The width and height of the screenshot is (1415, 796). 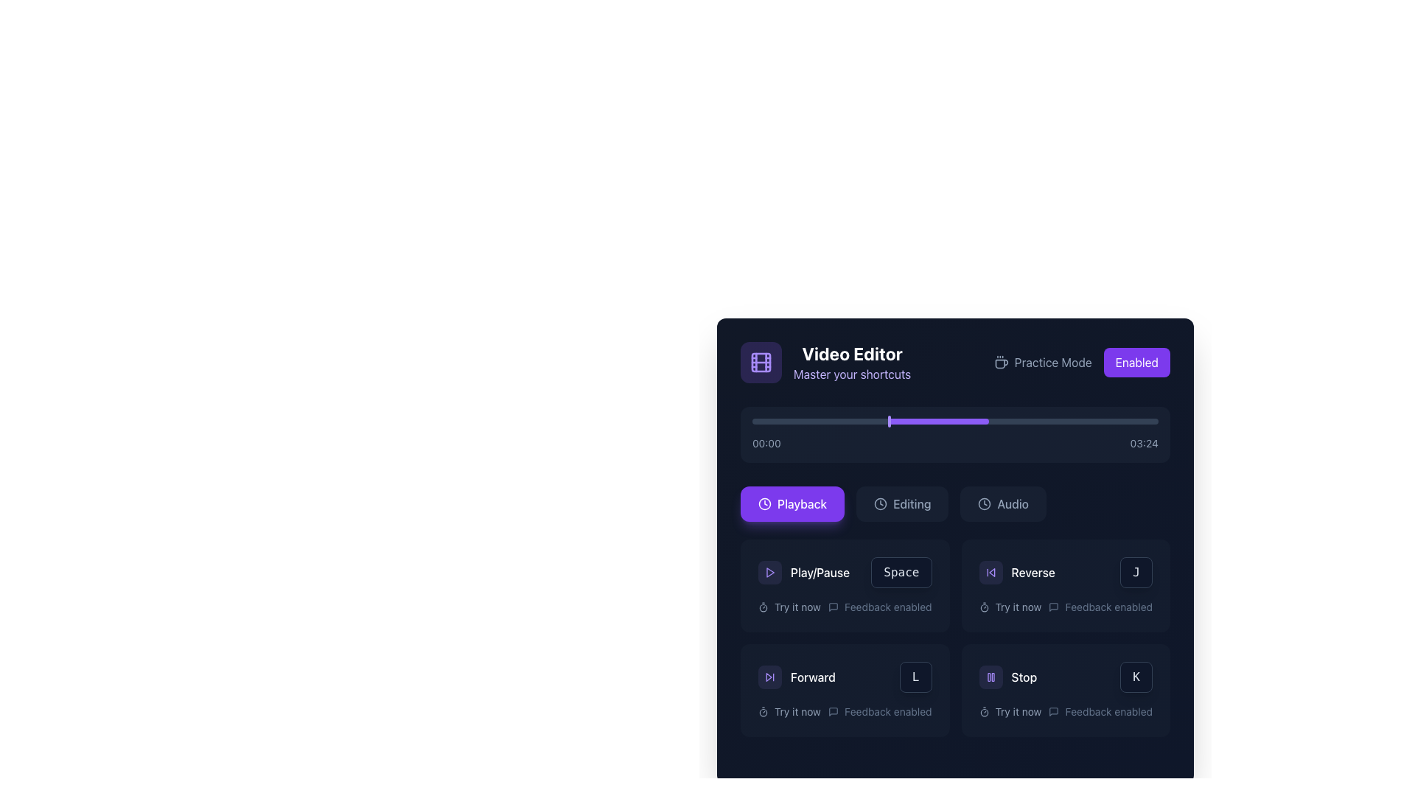 I want to click on the SVG circle located in the right-hand section of the interface, next to the 'Enabled' switch in the top bar, so click(x=764, y=503).